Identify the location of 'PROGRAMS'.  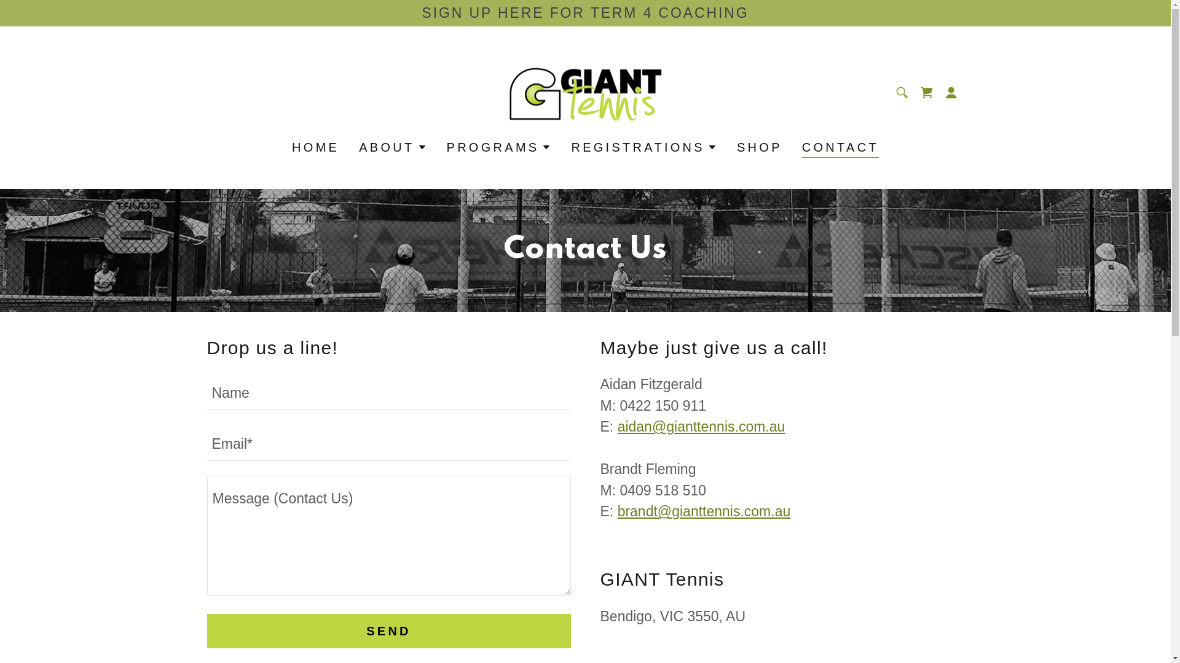
(499, 146).